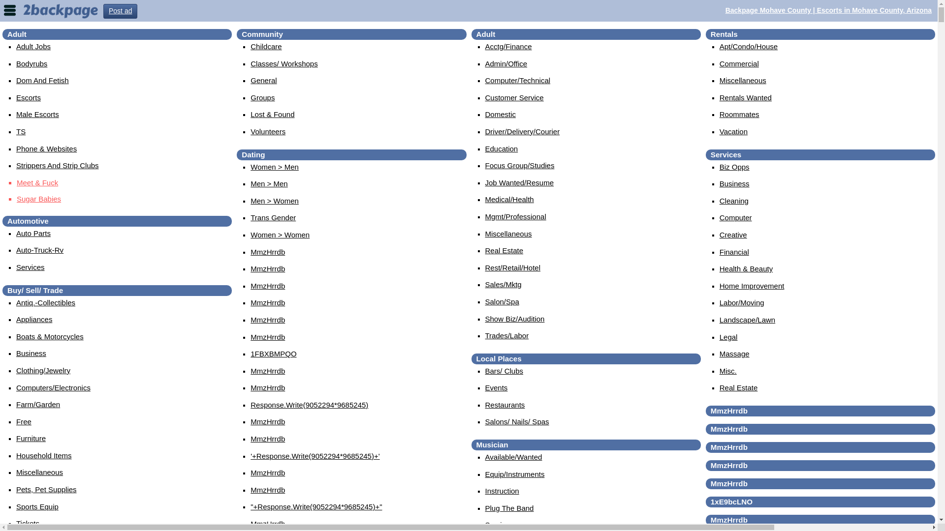 The width and height of the screenshot is (945, 531). I want to click on 'Apt/Condo/House', so click(748, 46).